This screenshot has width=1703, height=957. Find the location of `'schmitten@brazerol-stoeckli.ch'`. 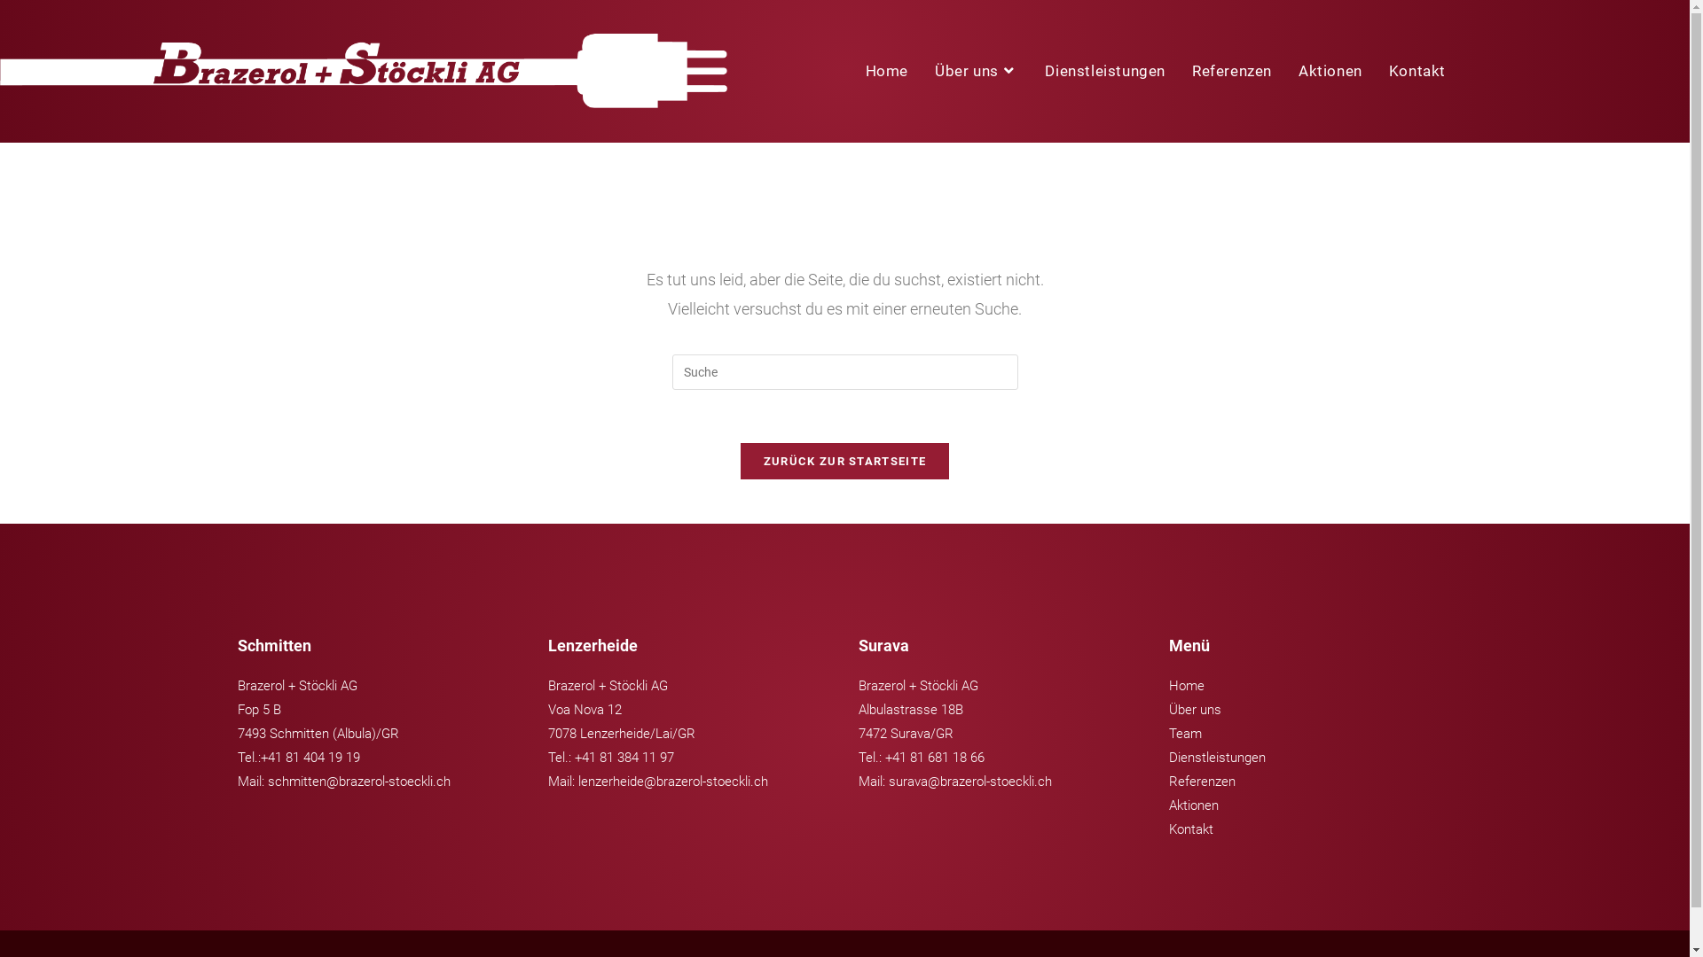

'schmitten@brazerol-stoeckli.ch' is located at coordinates (357, 781).